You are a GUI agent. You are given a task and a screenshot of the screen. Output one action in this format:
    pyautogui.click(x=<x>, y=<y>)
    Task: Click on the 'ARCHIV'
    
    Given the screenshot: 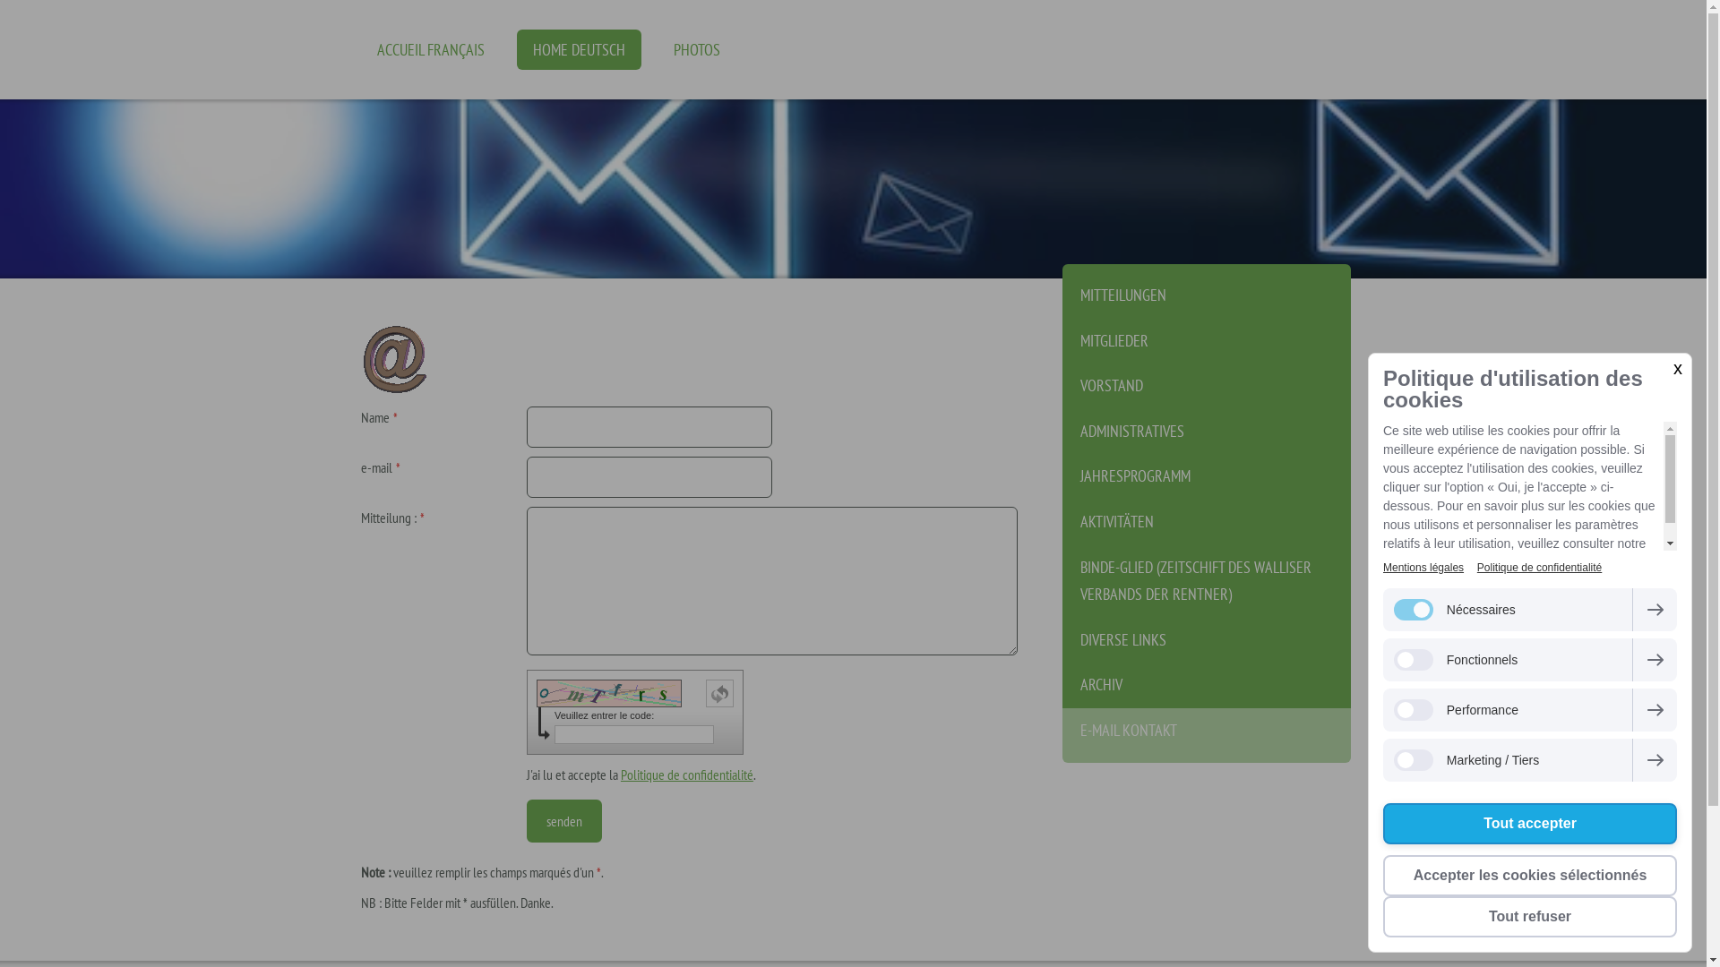 What is the action you would take?
    pyautogui.click(x=1207, y=685)
    